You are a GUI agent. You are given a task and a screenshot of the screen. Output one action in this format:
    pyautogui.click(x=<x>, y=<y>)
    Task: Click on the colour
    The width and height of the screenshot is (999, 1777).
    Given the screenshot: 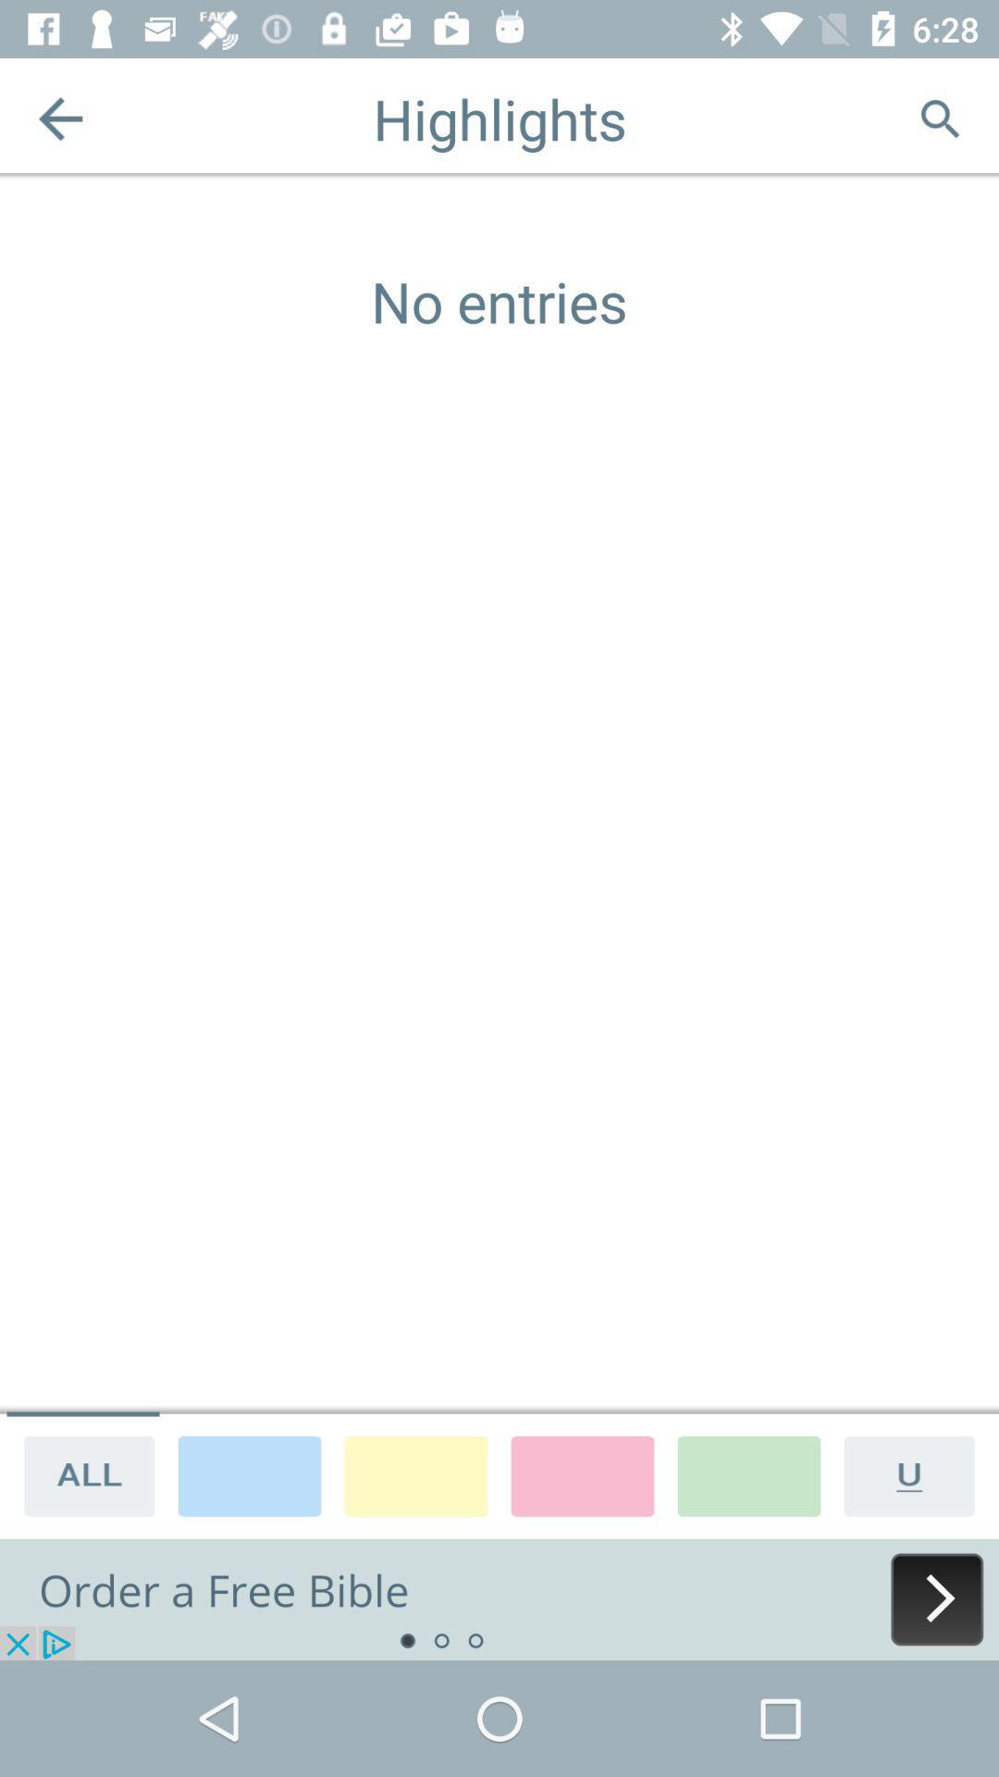 What is the action you would take?
    pyautogui.click(x=749, y=1474)
    